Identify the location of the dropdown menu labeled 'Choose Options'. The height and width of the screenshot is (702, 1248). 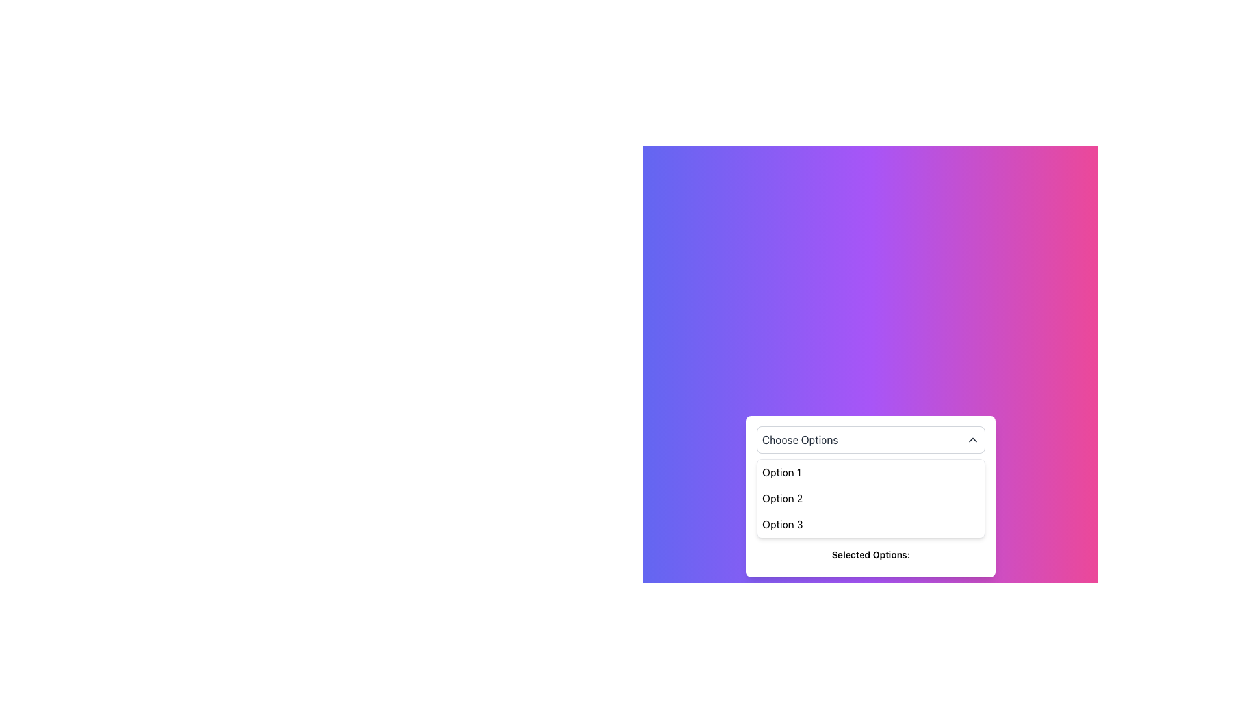
(870, 439).